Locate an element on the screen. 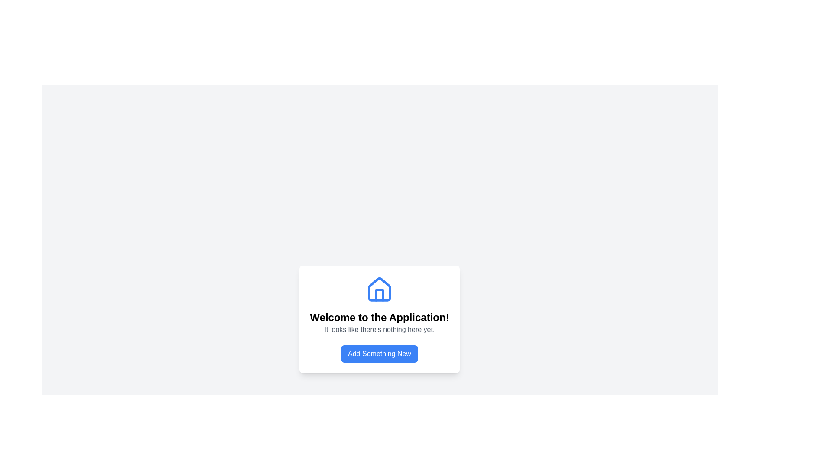 The height and width of the screenshot is (468, 832). the informational text label that provides context about the absence of content, located beneath the title 'Welcome to the Application!' and above the button 'Add Something New' is located at coordinates (379, 329).